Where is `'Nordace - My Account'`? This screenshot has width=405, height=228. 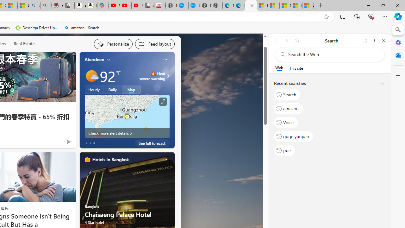
'Nordace - My Account' is located at coordinates (171, 5).